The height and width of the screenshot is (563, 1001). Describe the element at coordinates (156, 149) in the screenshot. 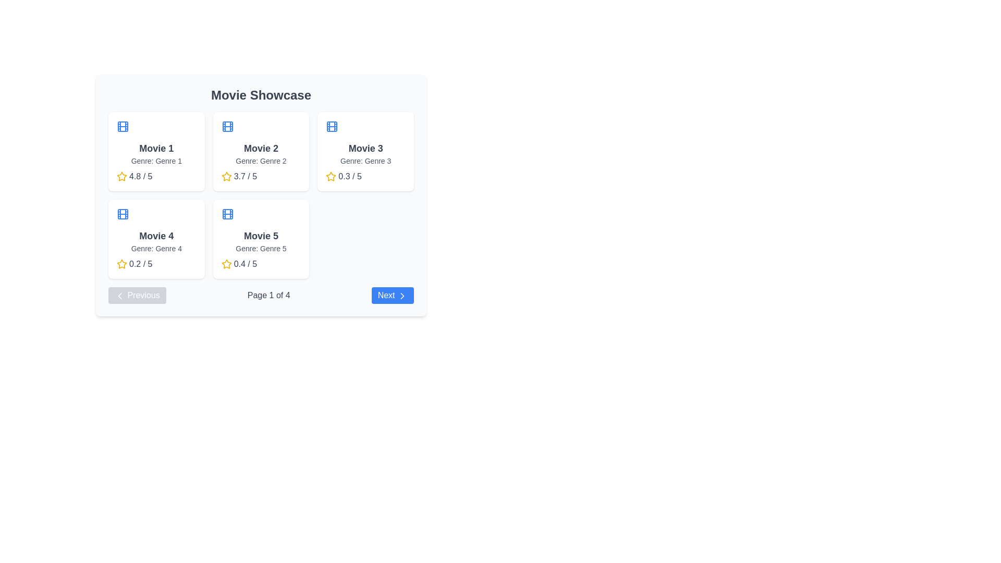

I see `the text label displaying 'Movie 1' which is styled in dark gray, larger font, and bold typeface, located in the upper-left card of the grid layout` at that location.